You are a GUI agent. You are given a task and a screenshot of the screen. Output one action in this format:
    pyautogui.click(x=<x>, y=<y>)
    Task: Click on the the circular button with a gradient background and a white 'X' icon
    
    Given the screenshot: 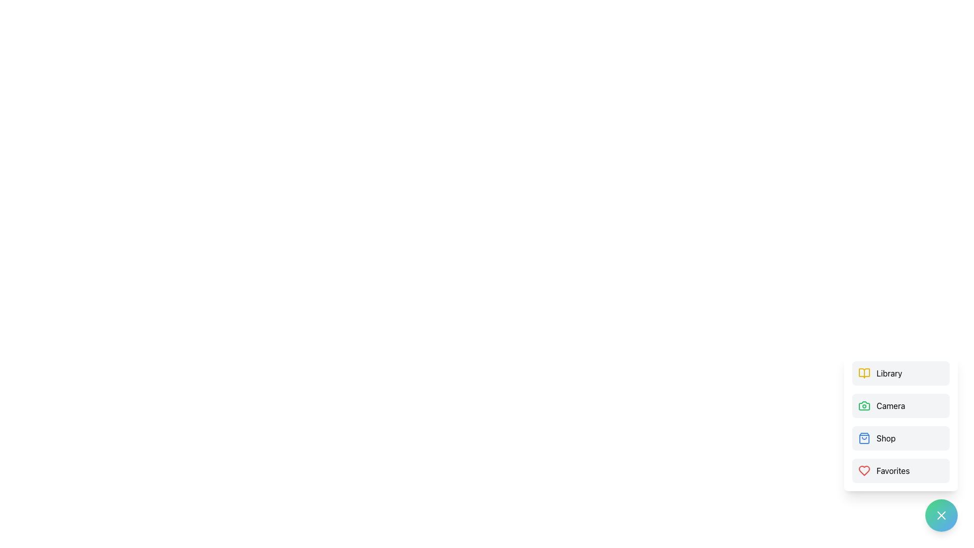 What is the action you would take?
    pyautogui.click(x=941, y=515)
    